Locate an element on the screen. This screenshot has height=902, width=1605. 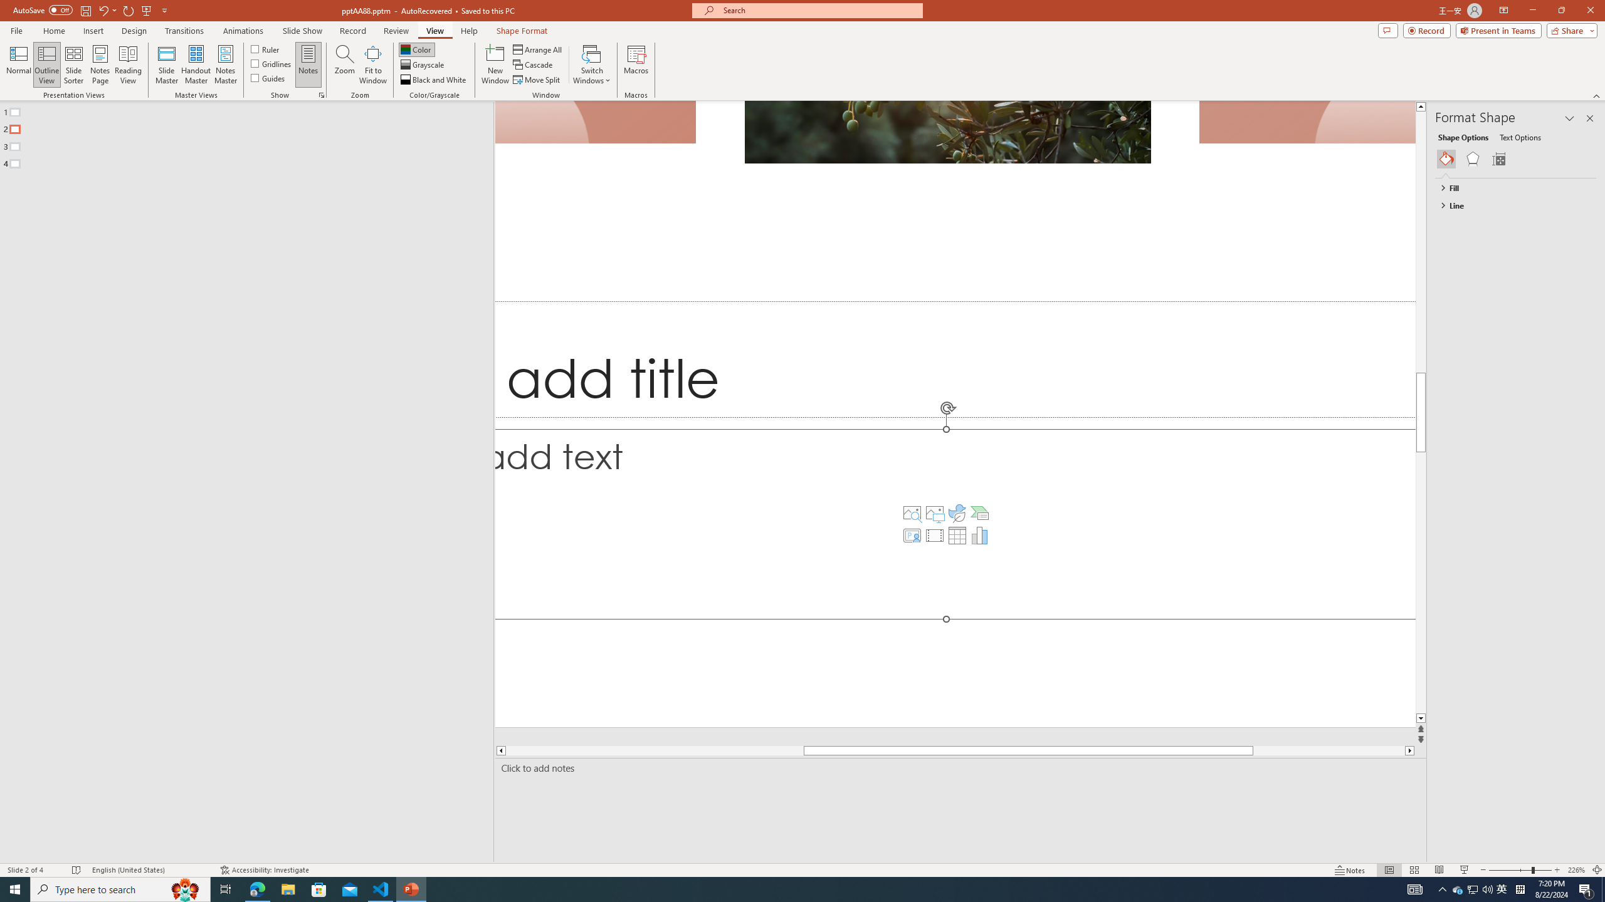
'Insert Chart' is located at coordinates (979, 535).